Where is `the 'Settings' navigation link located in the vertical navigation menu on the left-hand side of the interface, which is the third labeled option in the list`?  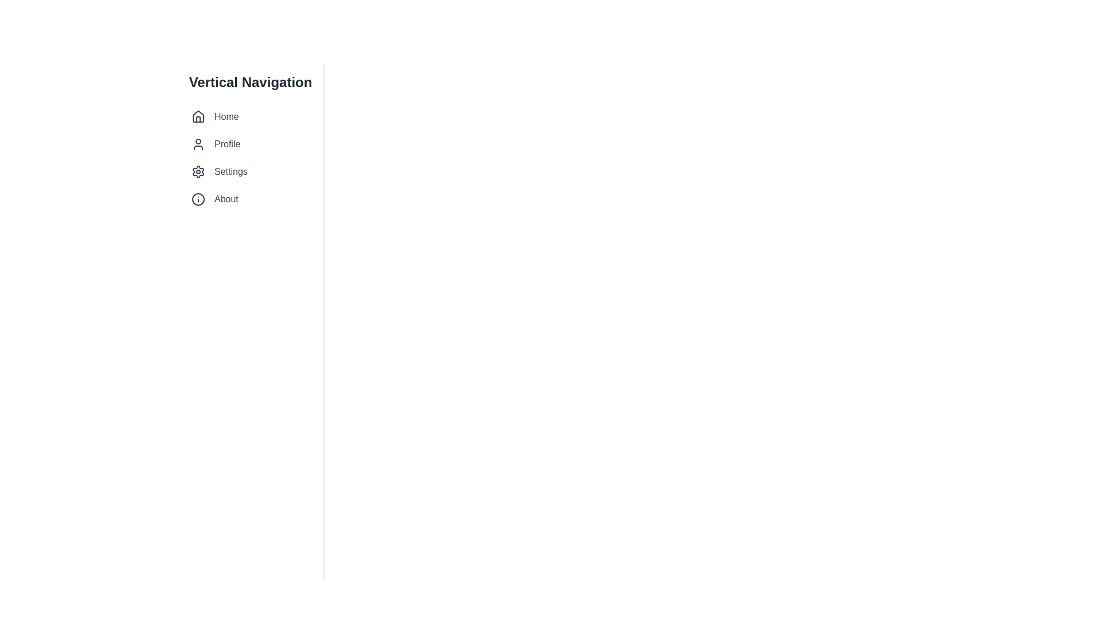 the 'Settings' navigation link located in the vertical navigation menu on the left-hand side of the interface, which is the third labeled option in the list is located at coordinates (230, 172).